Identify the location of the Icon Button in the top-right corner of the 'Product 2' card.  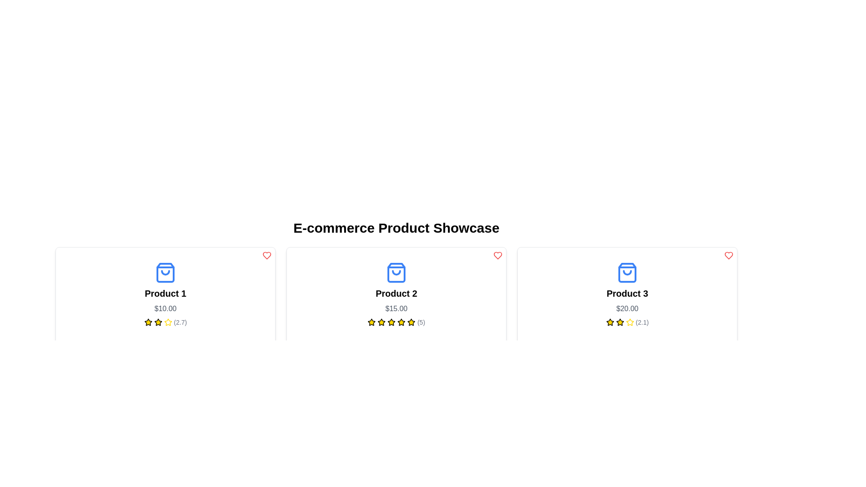
(497, 256).